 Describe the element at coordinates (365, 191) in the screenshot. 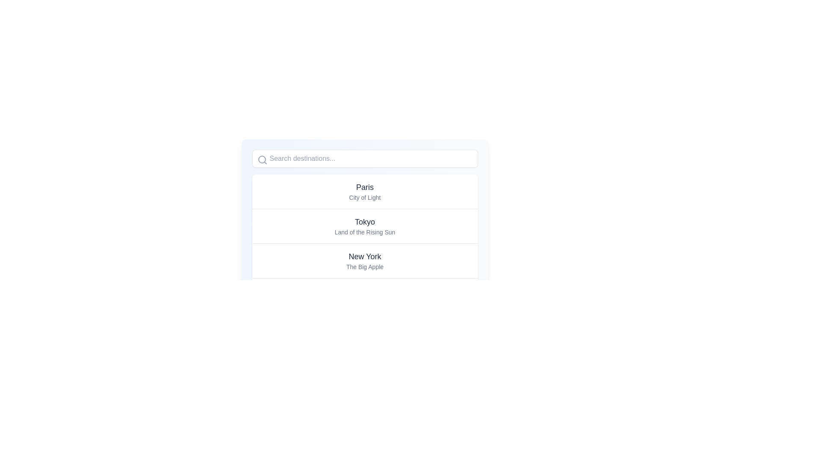

I see `the clickable list item element labeled 'Paris'` at that location.